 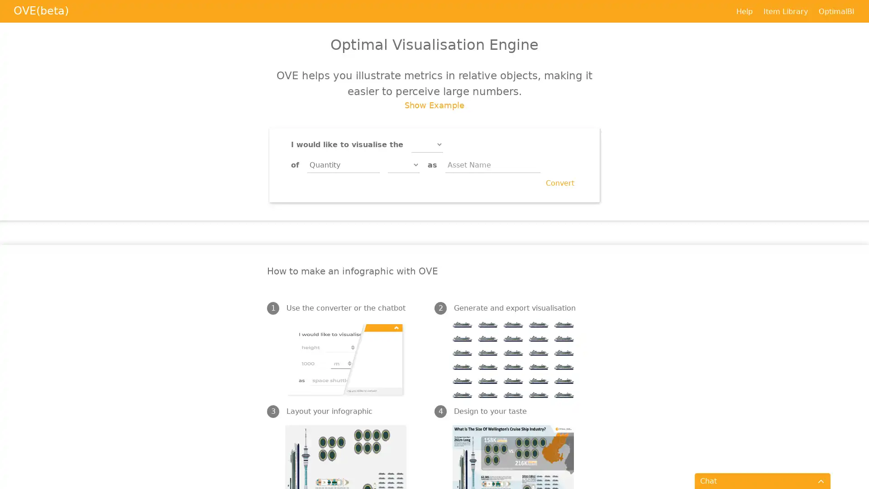 I want to click on Convert, so click(x=559, y=183).